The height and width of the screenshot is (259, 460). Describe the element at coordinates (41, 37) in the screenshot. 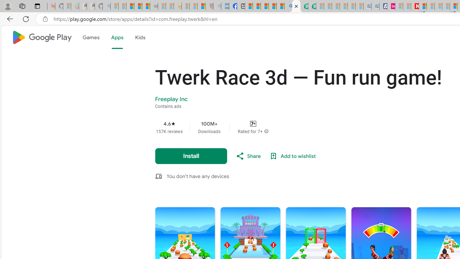

I see `'Google Play logo'` at that location.